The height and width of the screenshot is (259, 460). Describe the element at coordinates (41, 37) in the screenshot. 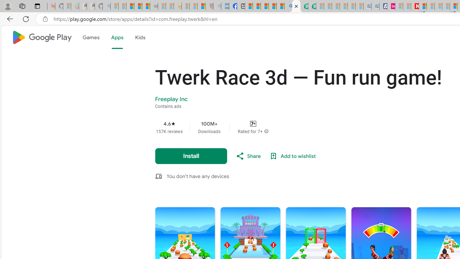

I see `'Google Play logo'` at that location.